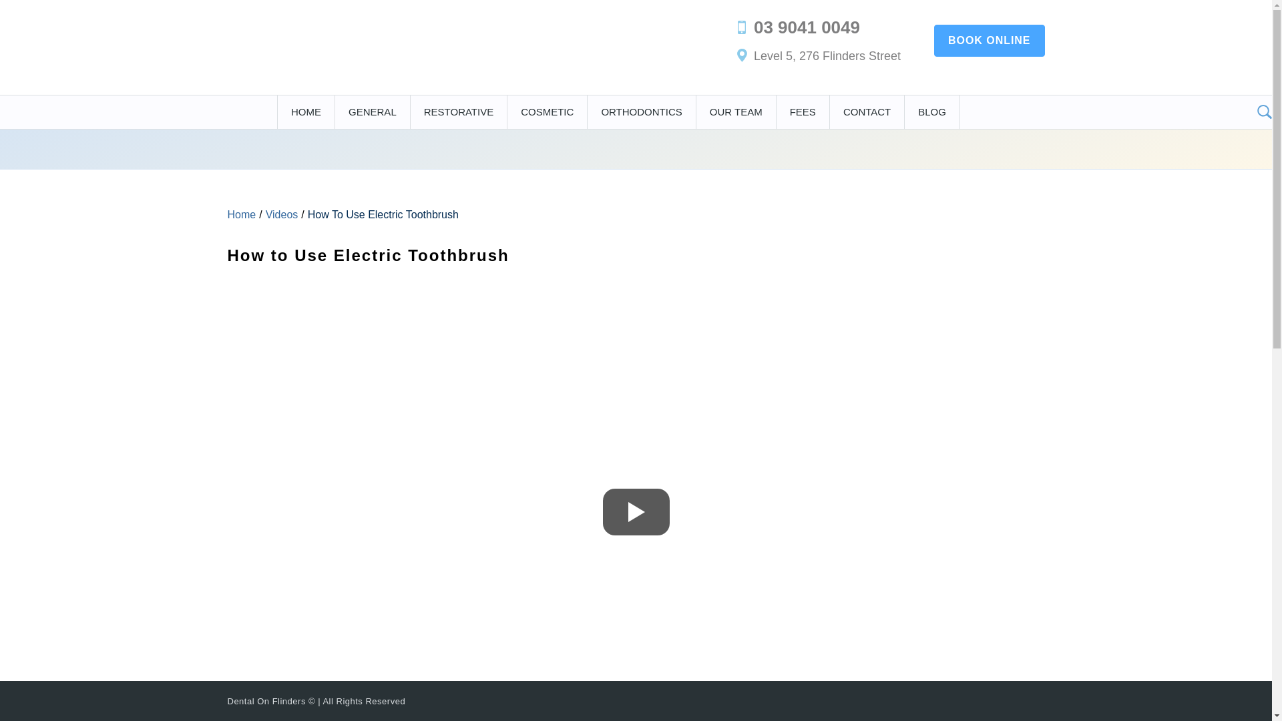  Describe the element at coordinates (802, 111) in the screenshot. I see `'FEES'` at that location.